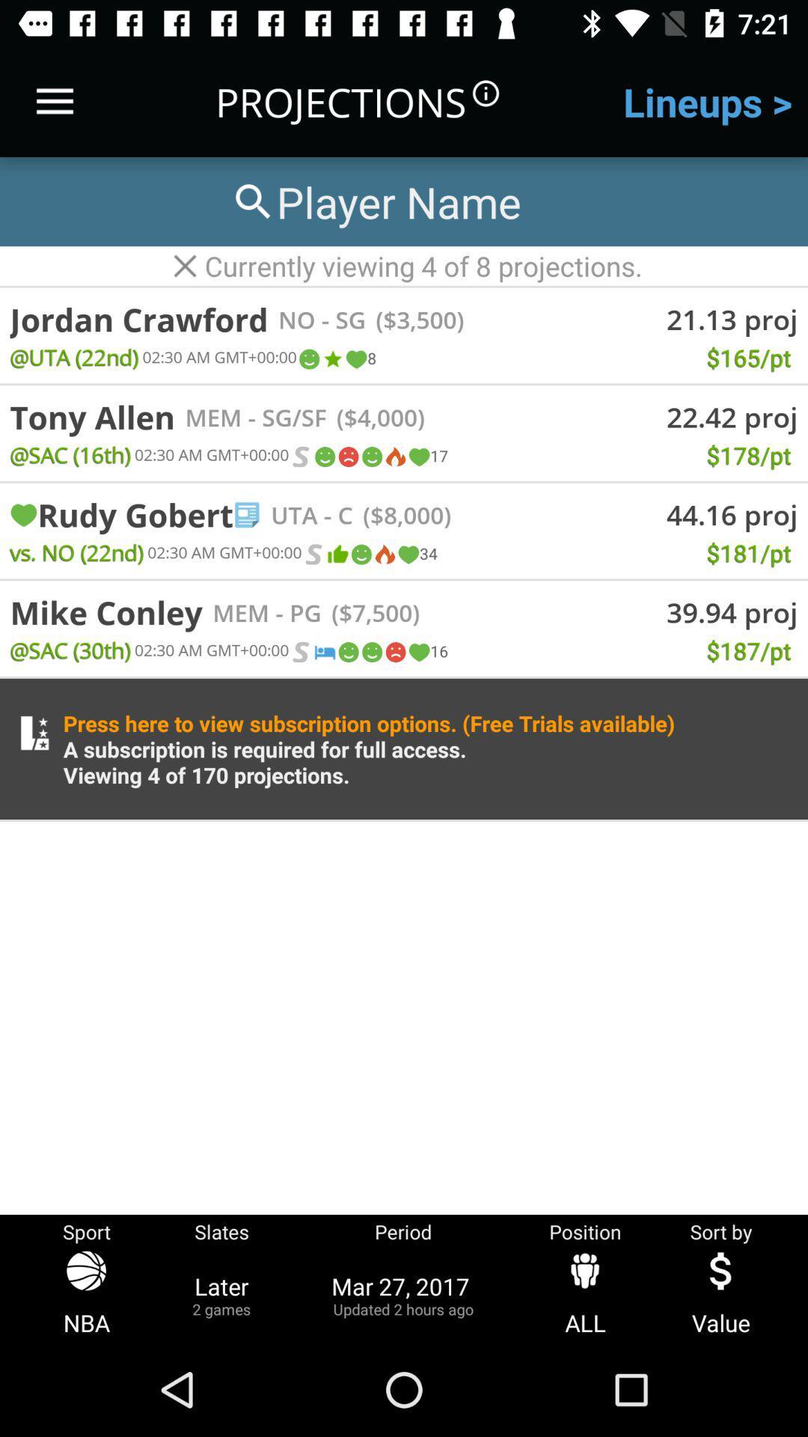  I want to click on icon below the no, so click(331, 359).